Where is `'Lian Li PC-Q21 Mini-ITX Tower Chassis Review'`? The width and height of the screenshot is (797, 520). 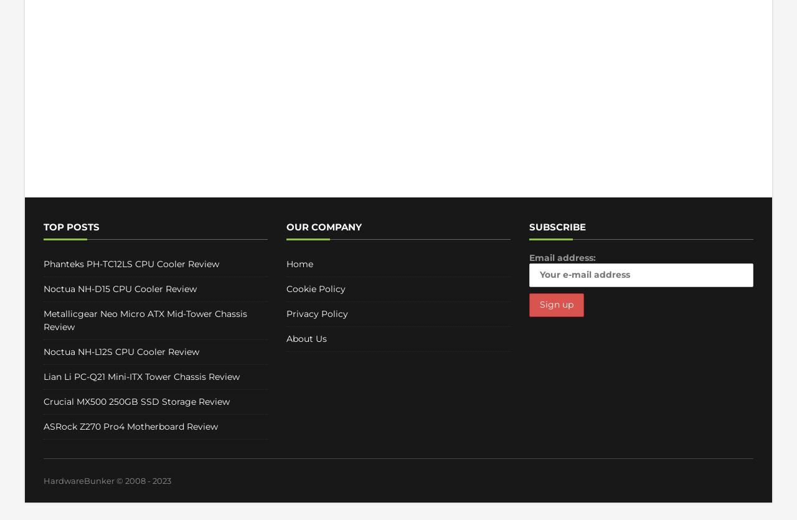
'Lian Li PC-Q21 Mini-ITX Tower Chassis Review' is located at coordinates (141, 376).